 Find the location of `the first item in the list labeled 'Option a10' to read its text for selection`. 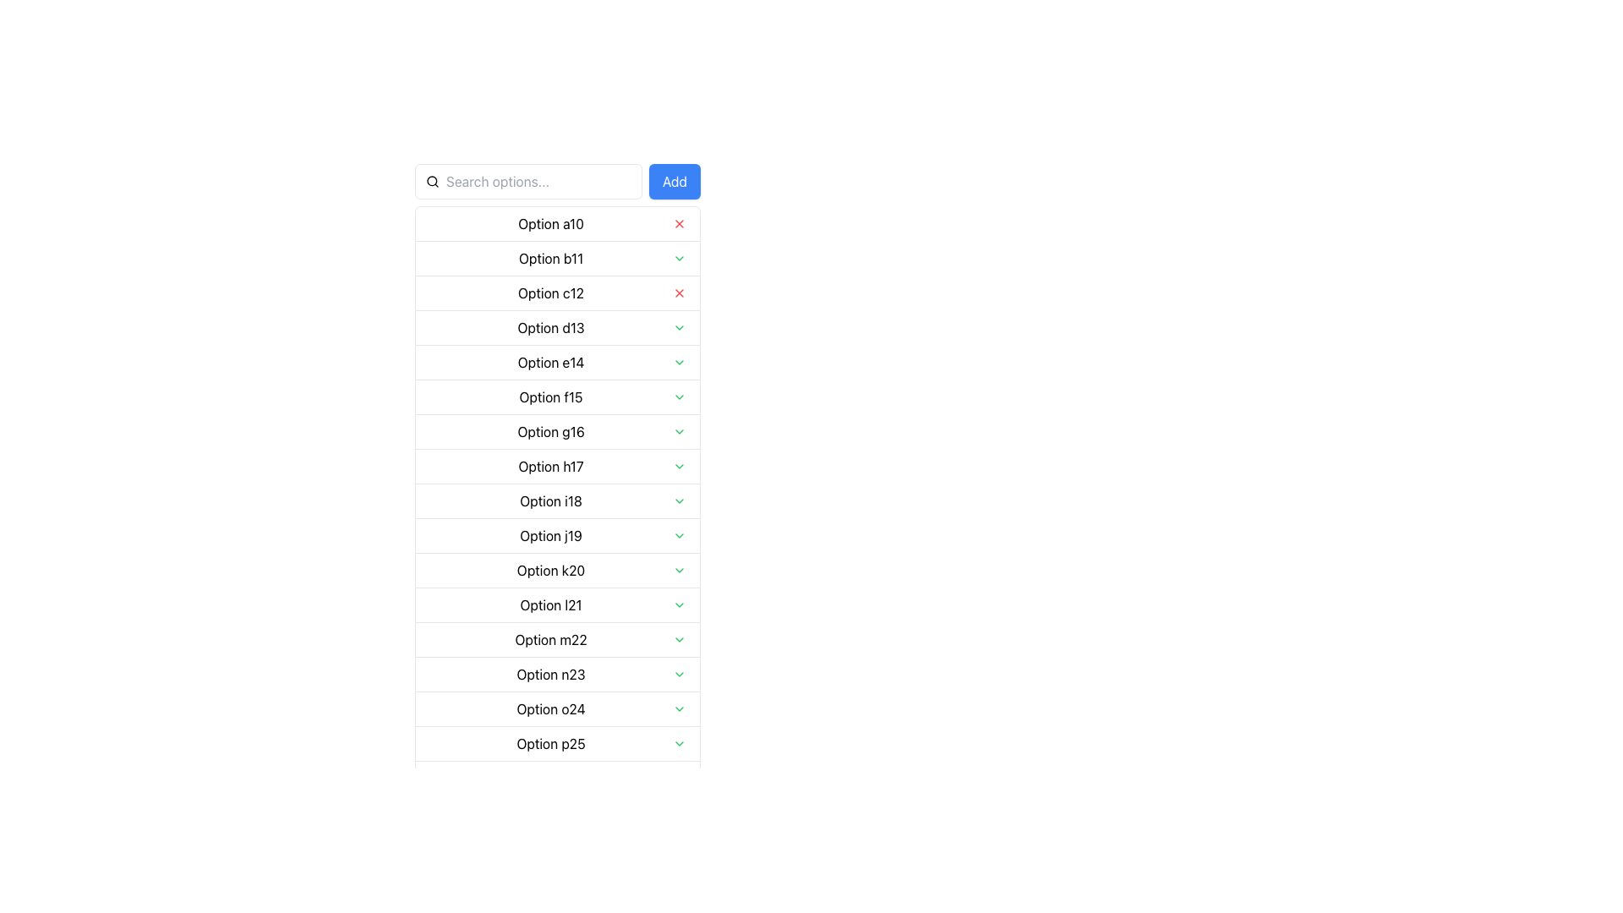

the first item in the list labeled 'Option a10' to read its text for selection is located at coordinates (558, 223).